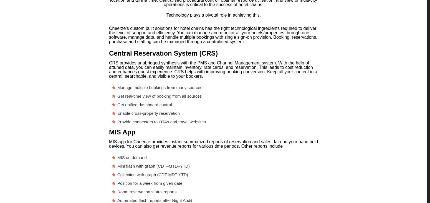 This screenshot has width=430, height=203. I want to click on 'Collection with graph (CDT-MDT-YTD)', so click(153, 174).